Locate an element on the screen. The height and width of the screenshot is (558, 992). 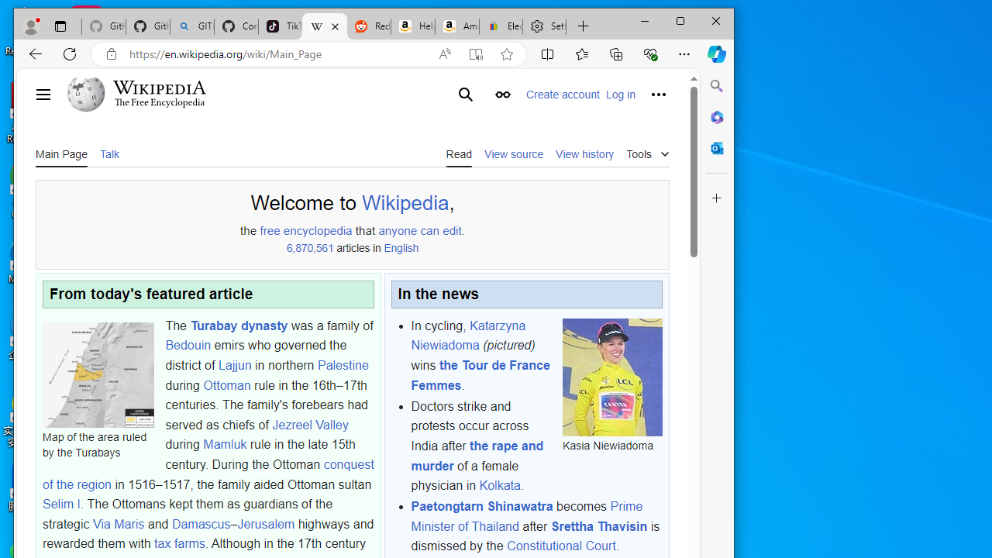
'Turabay dynasty' is located at coordinates (238, 325).